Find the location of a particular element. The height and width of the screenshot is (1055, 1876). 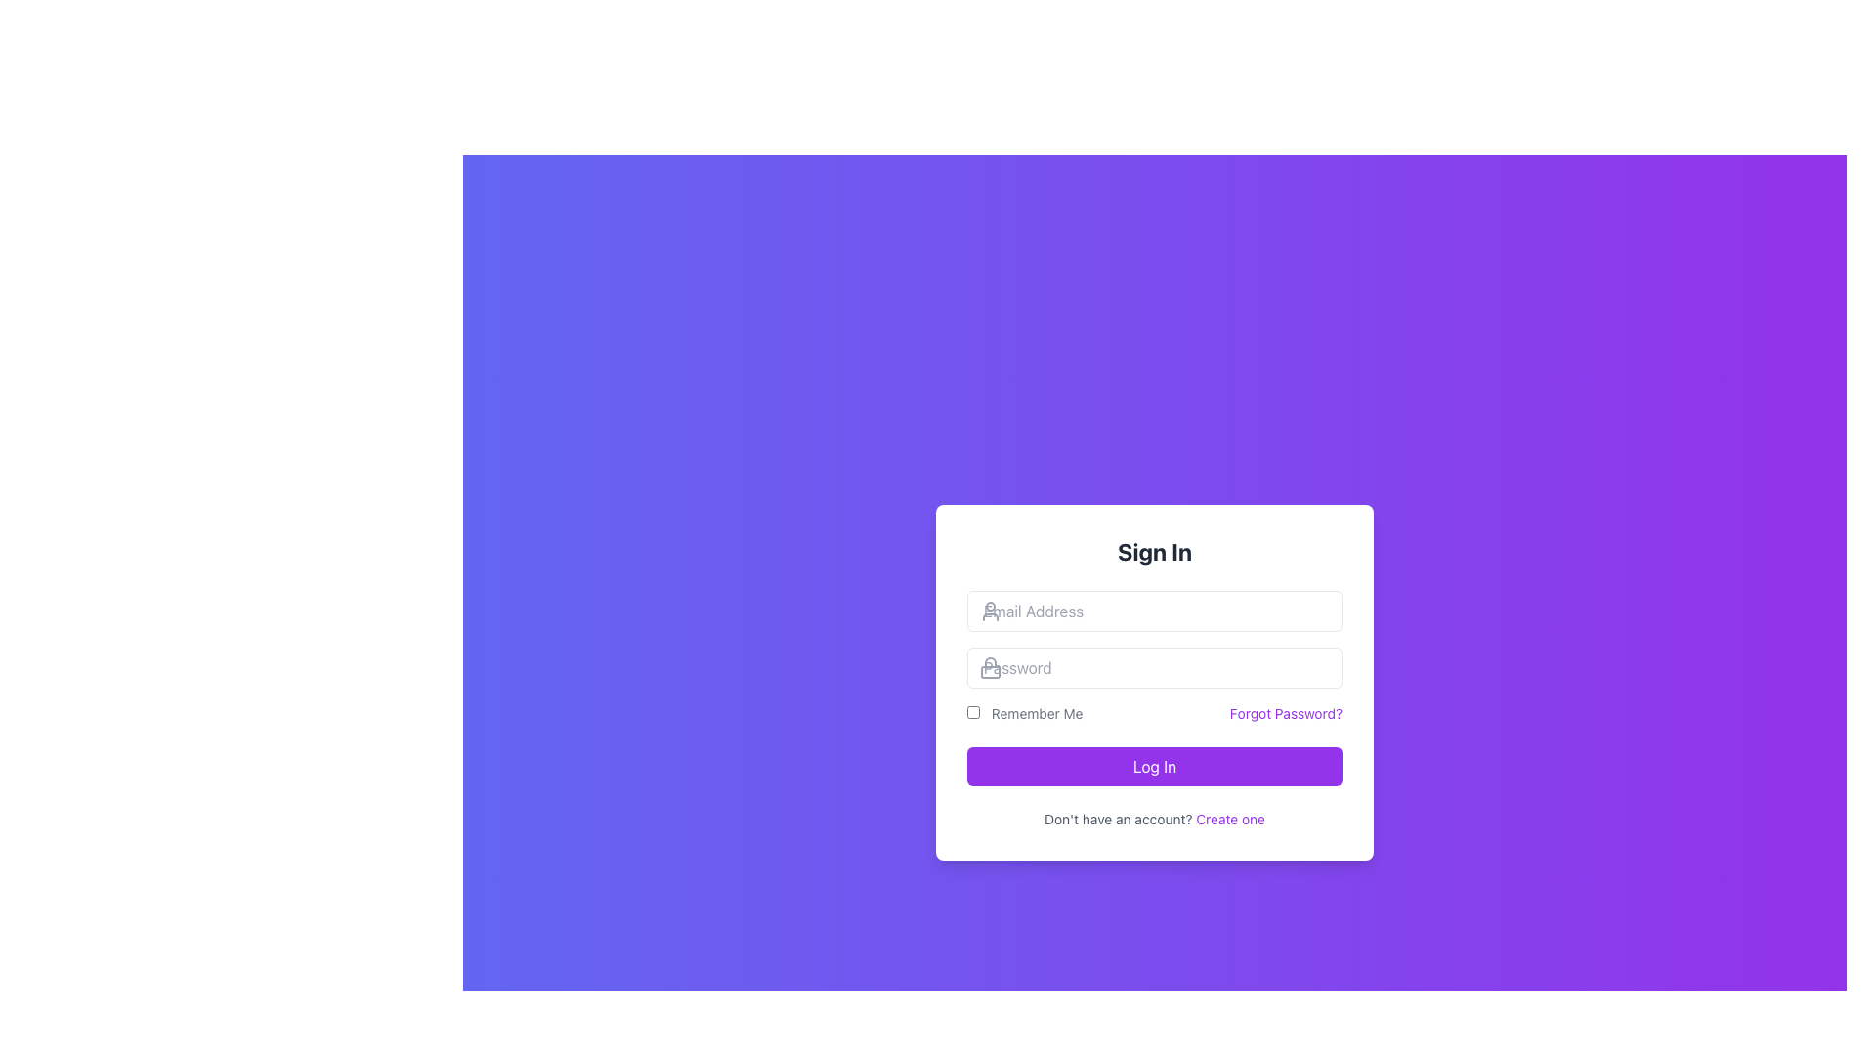

the interactive elements of the Login Form, which is centered within a full-page gradient background and located below the 'Sign In' title is located at coordinates (1154, 681).